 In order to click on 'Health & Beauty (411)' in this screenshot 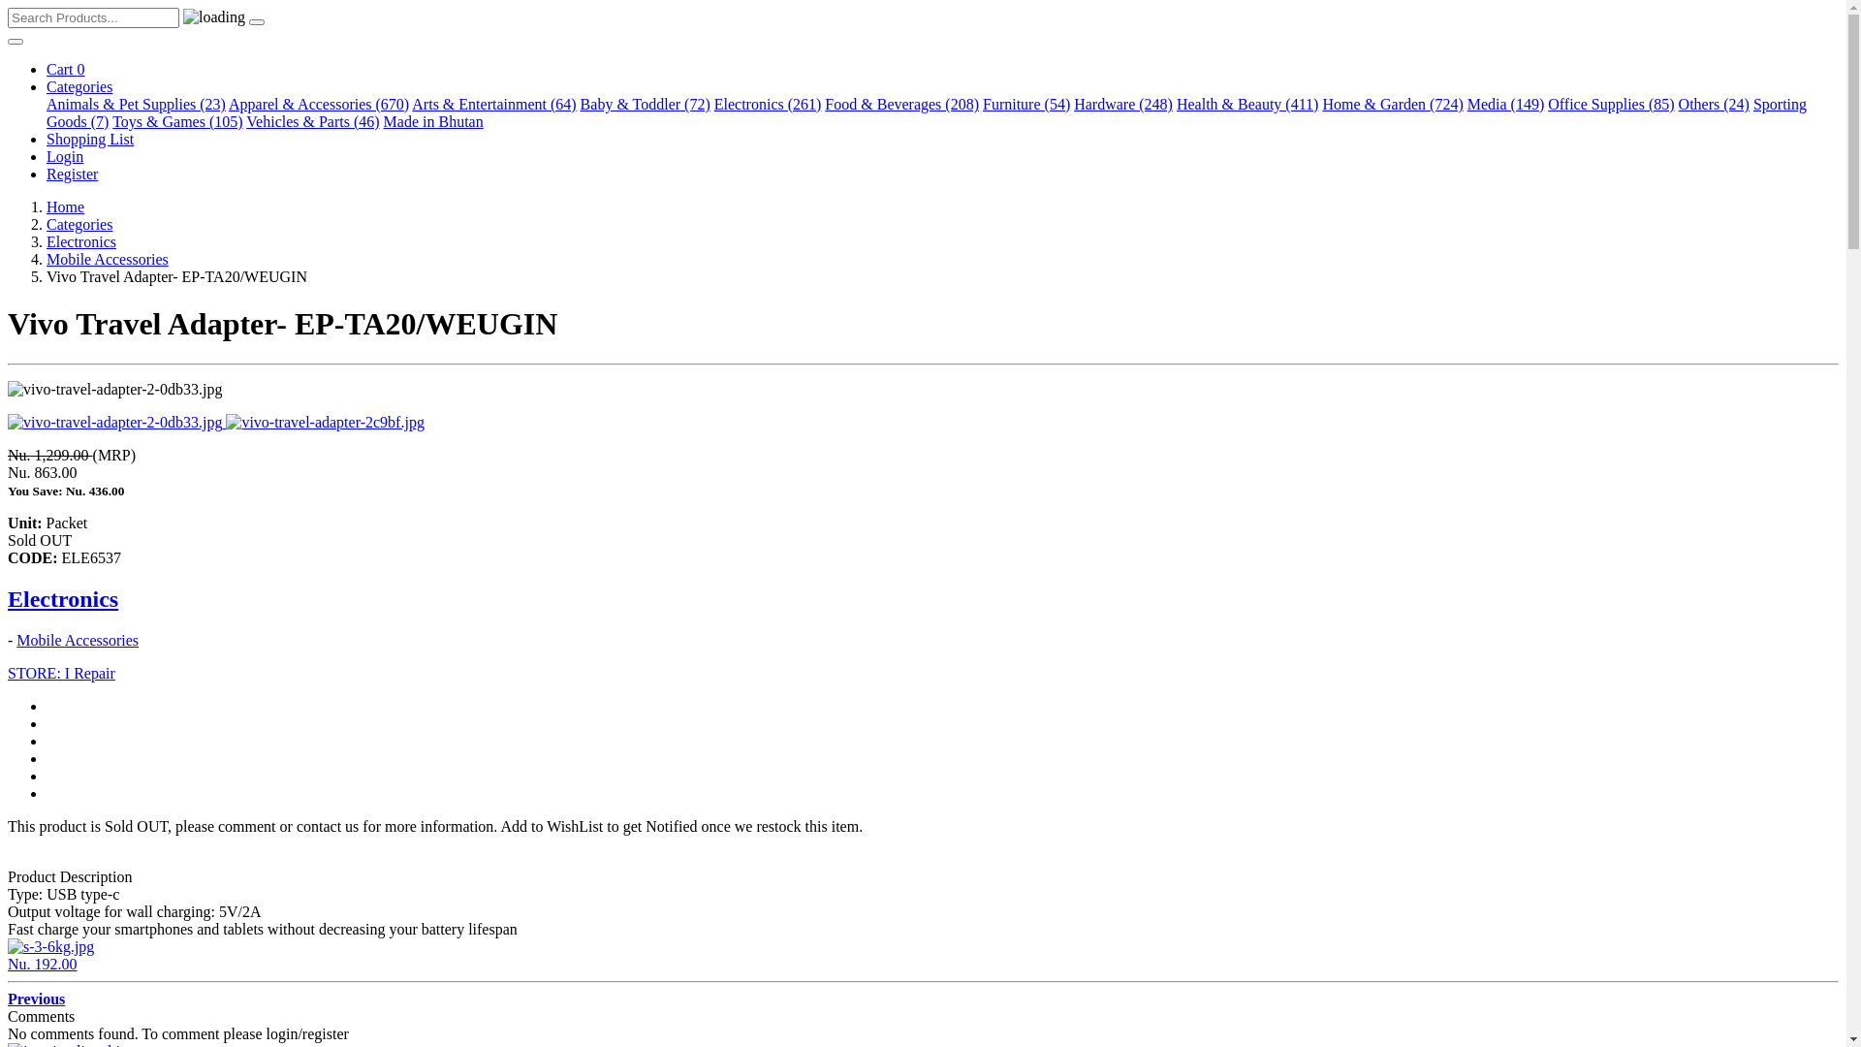, I will do `click(1246, 104)`.